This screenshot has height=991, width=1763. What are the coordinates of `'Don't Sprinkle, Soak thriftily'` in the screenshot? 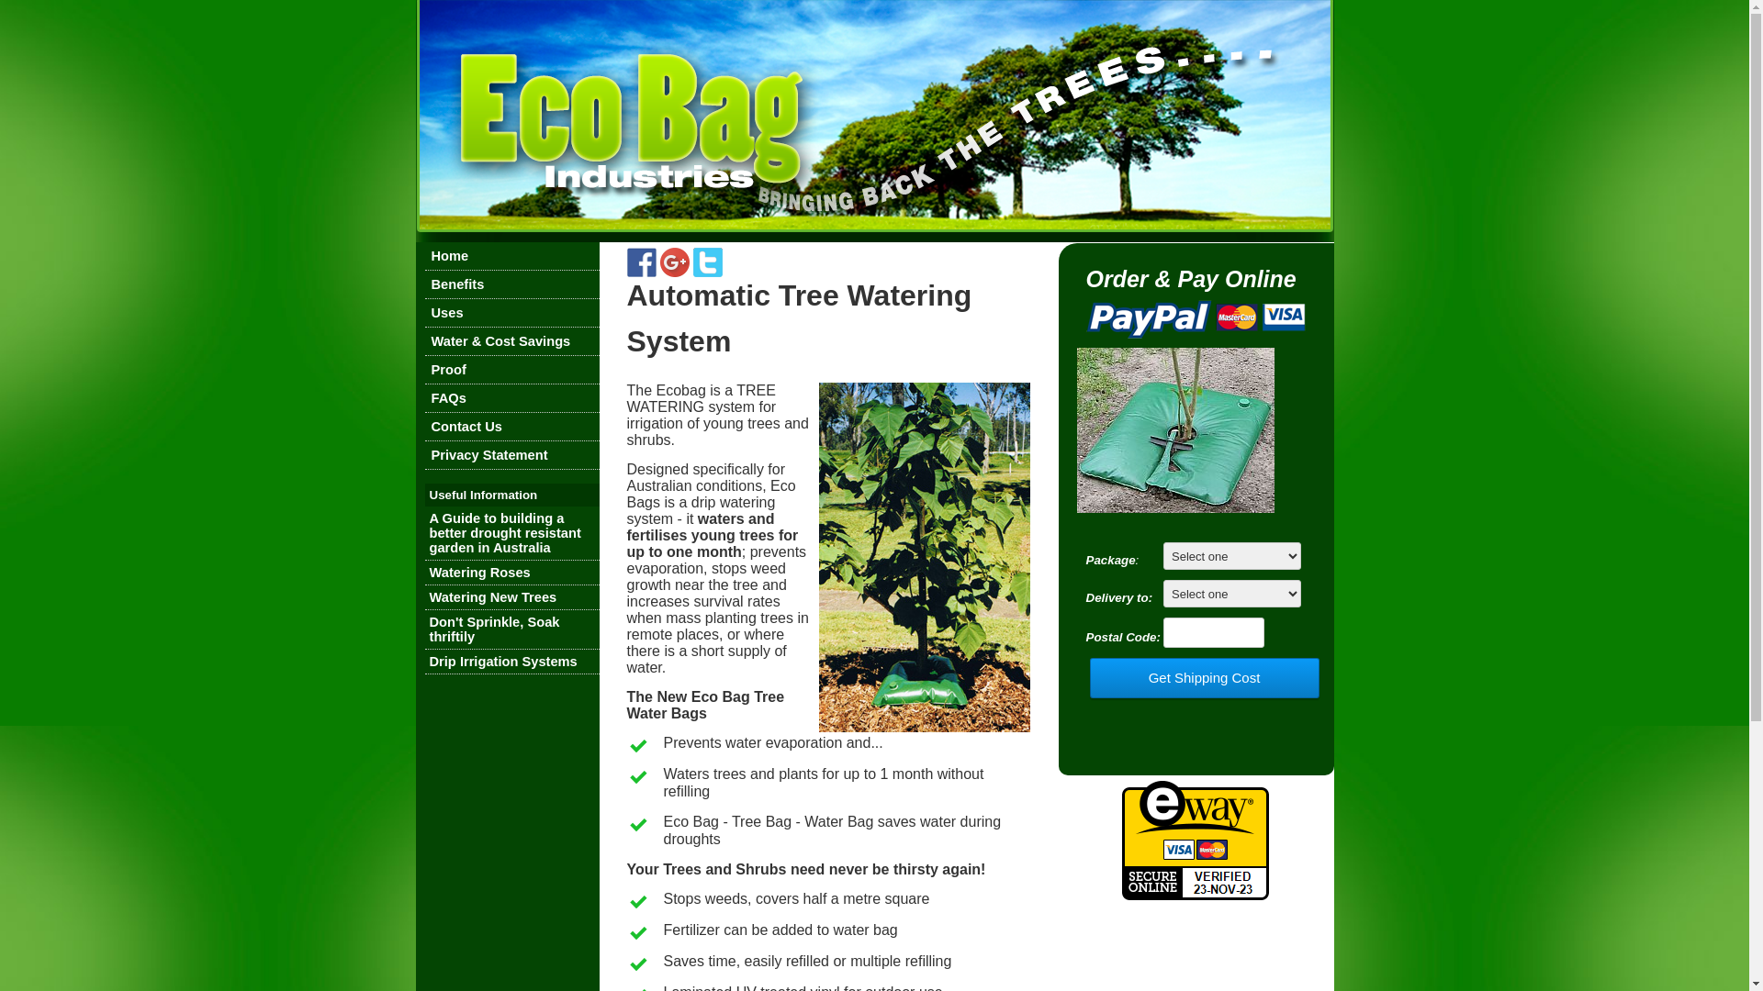 It's located at (494, 629).